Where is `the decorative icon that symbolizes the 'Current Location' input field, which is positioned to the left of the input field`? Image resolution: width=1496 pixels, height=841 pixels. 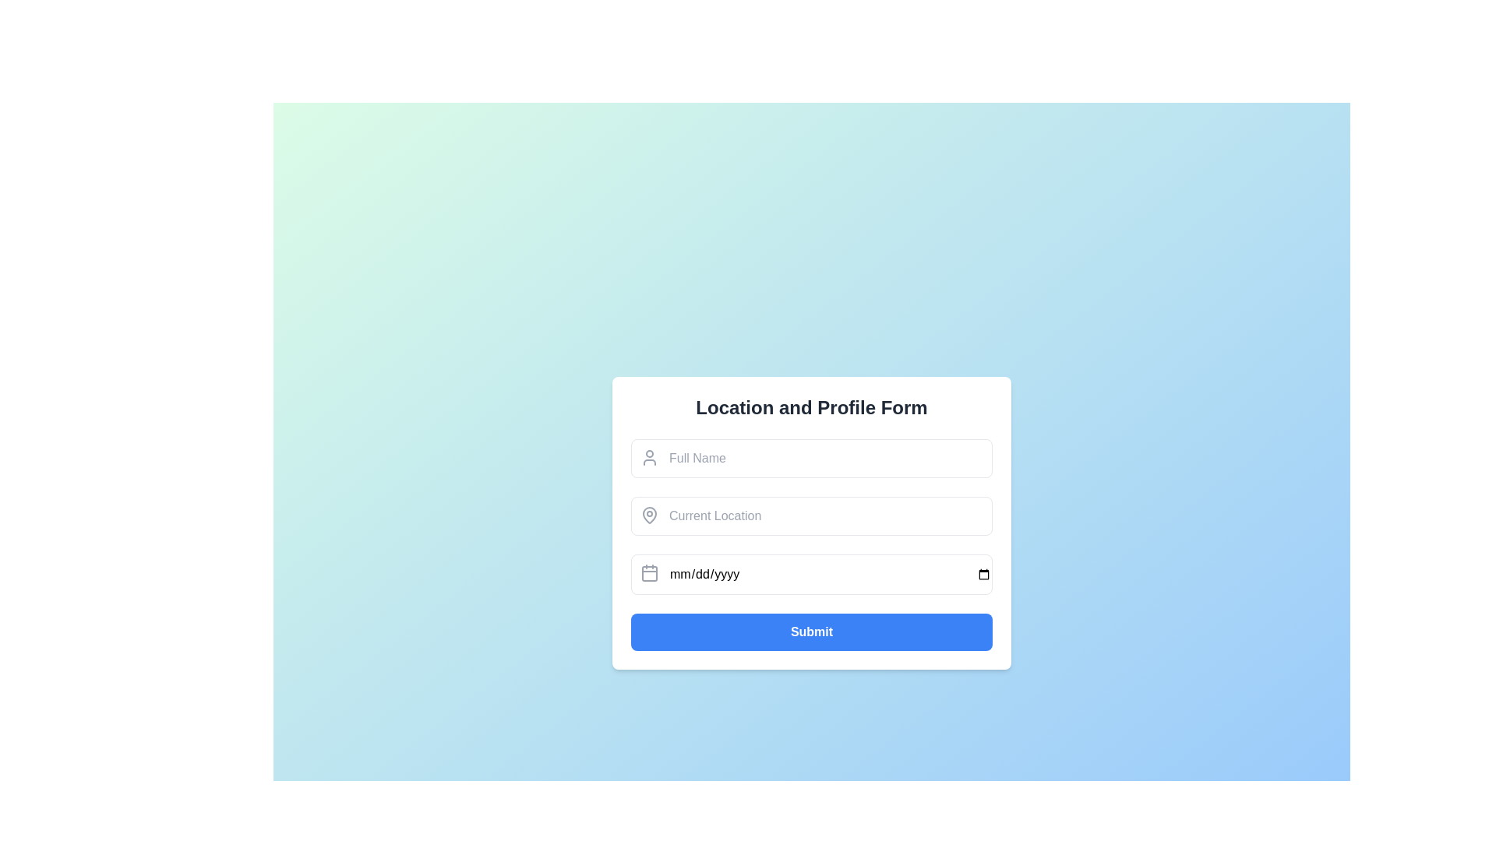
the decorative icon that symbolizes the 'Current Location' input field, which is positioned to the left of the input field is located at coordinates (650, 514).